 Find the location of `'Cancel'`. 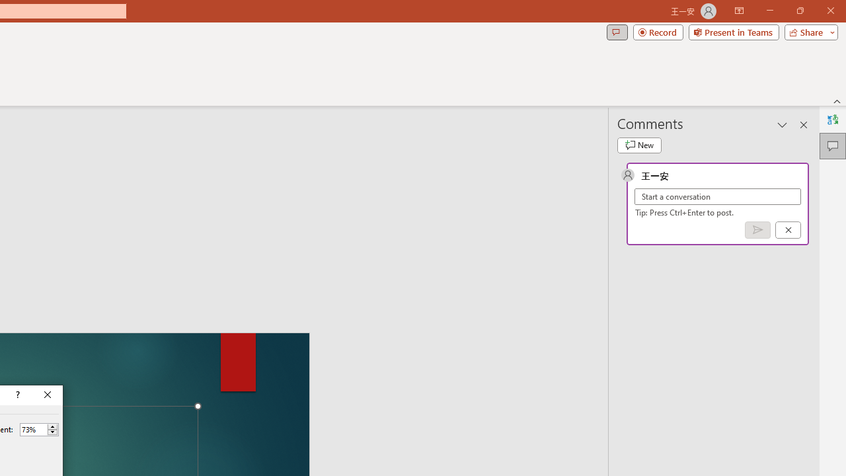

'Cancel' is located at coordinates (788, 229).